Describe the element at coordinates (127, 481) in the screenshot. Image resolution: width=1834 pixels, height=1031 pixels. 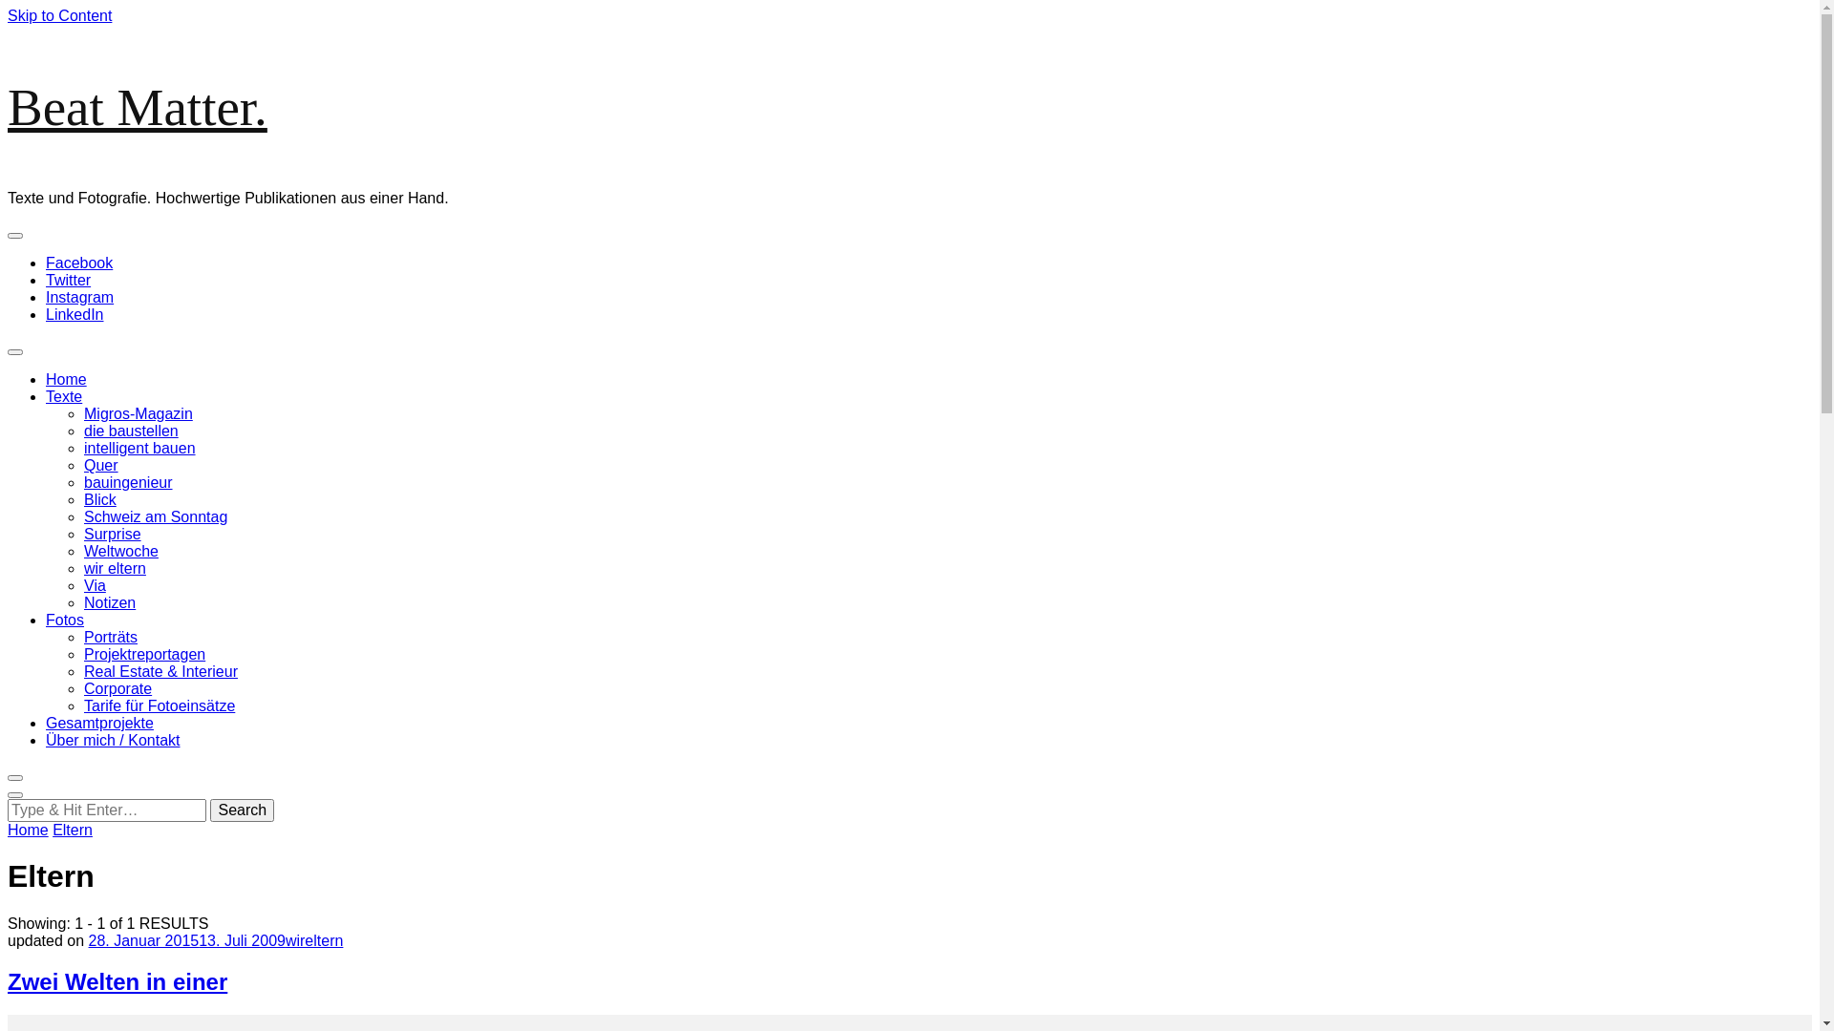
I see `'bauingenieur'` at that location.